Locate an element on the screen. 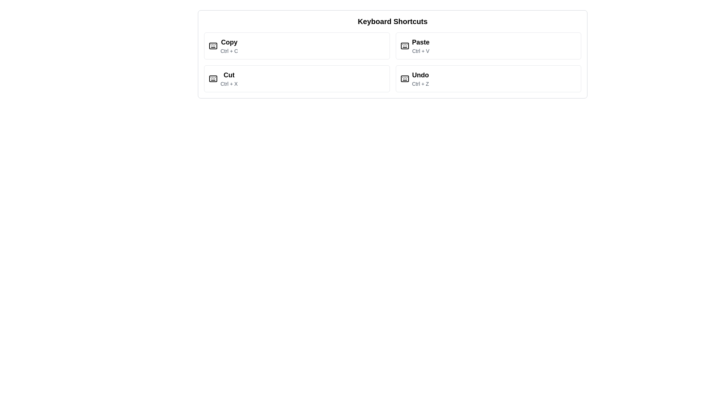 The width and height of the screenshot is (701, 394). the 'Undo' text display component located in the bottom-right quadrant of the Keyboard Shortcuts window, which includes an icon of a keyboard next to the text is located at coordinates (420, 79).